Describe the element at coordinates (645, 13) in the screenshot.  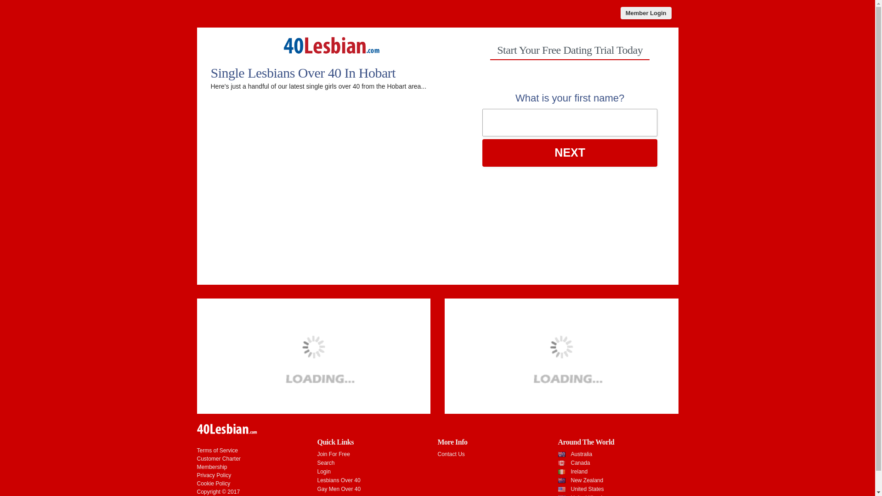
I see `'Member Login'` at that location.